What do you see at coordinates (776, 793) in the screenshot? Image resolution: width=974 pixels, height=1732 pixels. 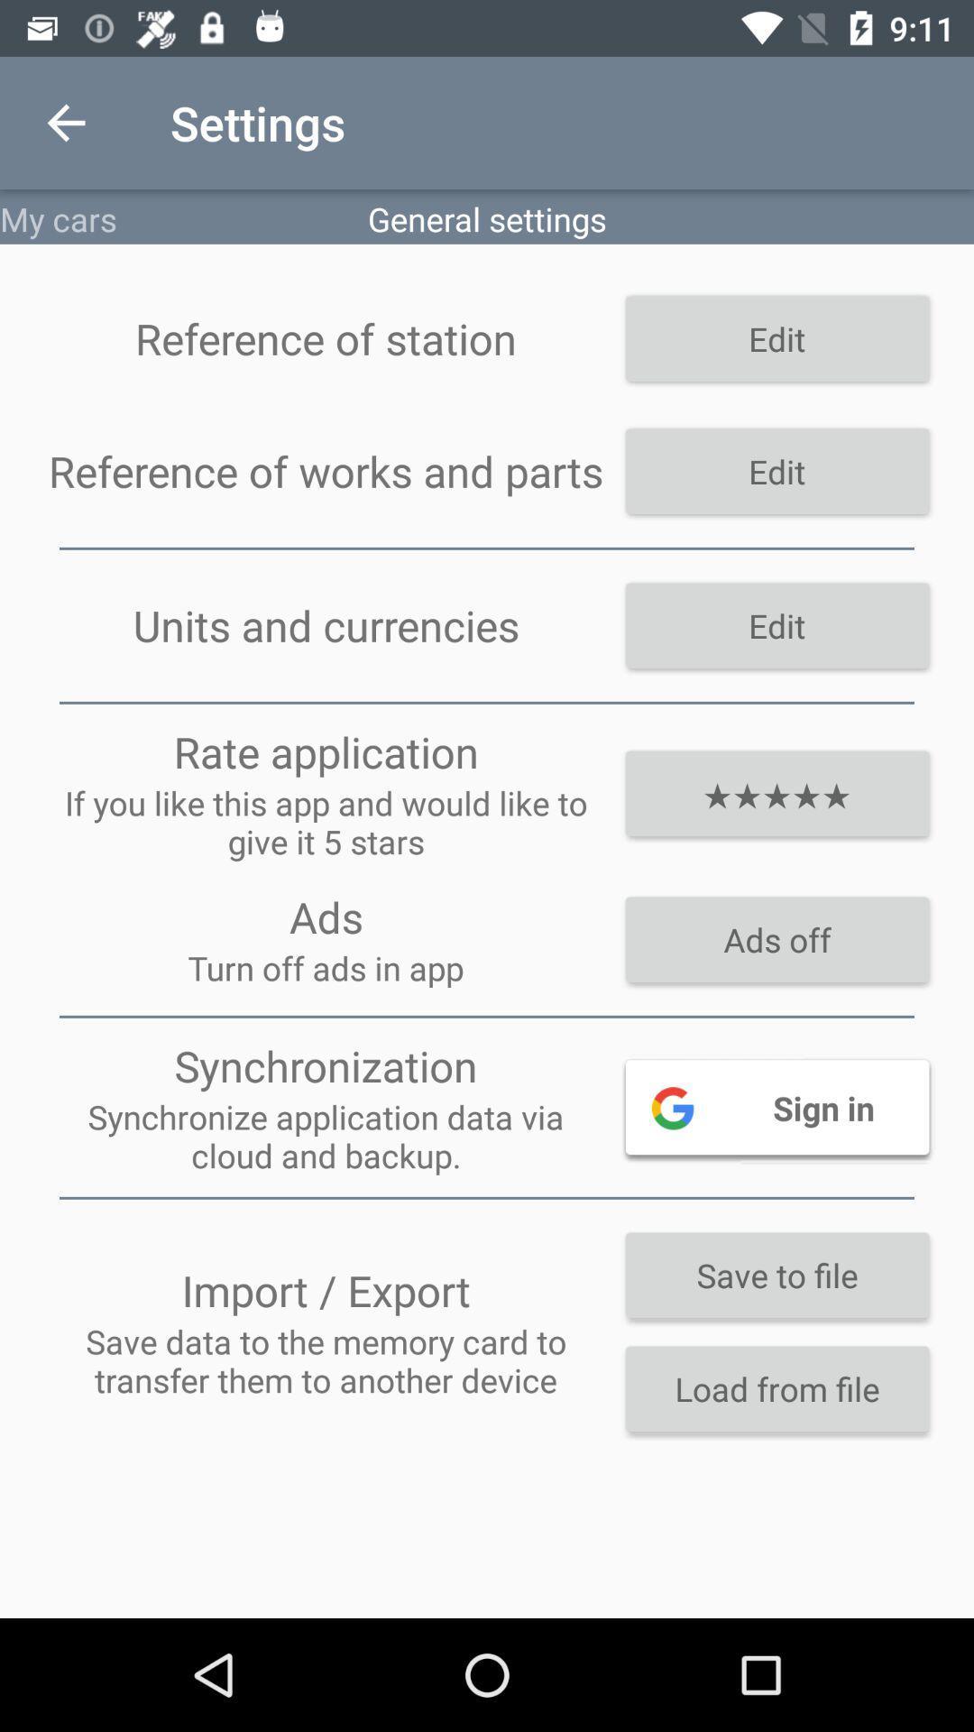 I see `the item to the right of the rate application icon` at bounding box center [776, 793].